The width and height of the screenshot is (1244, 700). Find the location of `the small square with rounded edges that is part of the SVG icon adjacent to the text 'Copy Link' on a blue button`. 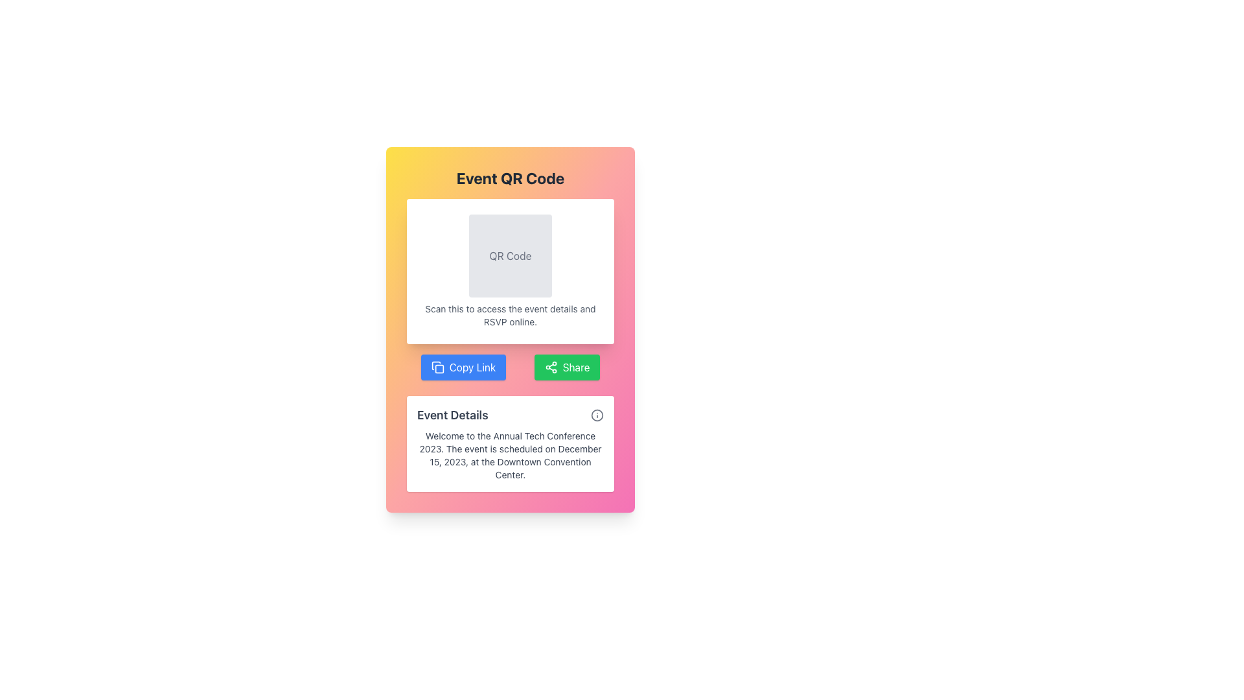

the small square with rounded edges that is part of the SVG icon adjacent to the text 'Copy Link' on a blue button is located at coordinates (439, 369).